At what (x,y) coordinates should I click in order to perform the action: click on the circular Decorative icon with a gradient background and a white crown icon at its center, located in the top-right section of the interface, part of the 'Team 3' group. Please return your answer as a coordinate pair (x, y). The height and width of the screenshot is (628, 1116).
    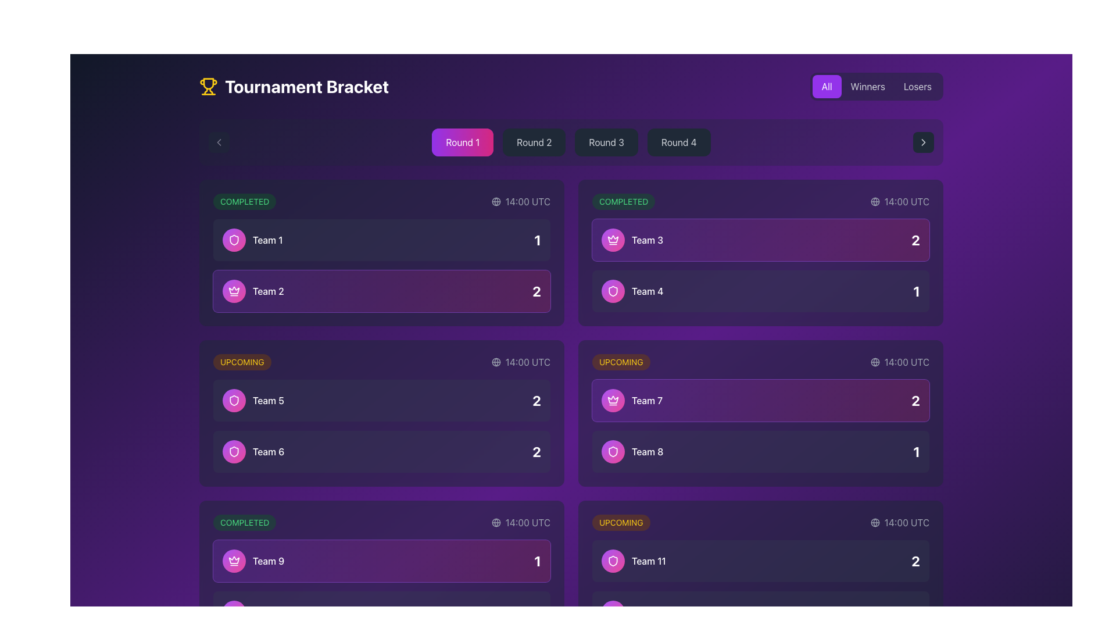
    Looking at the image, I should click on (613, 239).